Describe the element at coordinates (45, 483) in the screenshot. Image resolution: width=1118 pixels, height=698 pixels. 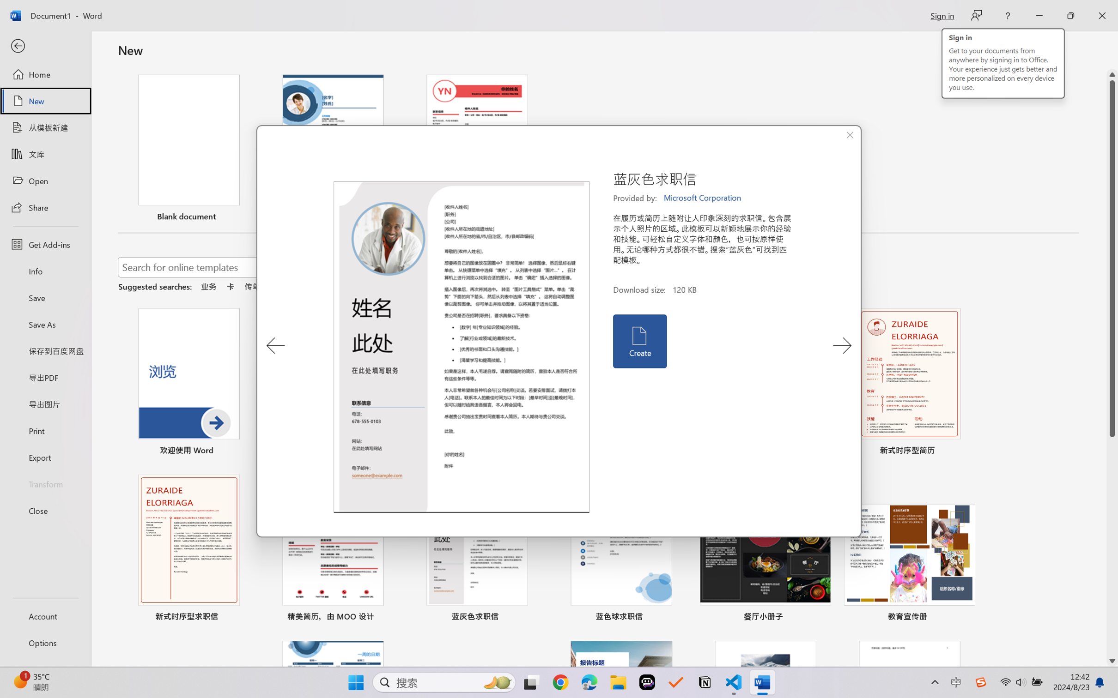
I see `'Transform'` at that location.